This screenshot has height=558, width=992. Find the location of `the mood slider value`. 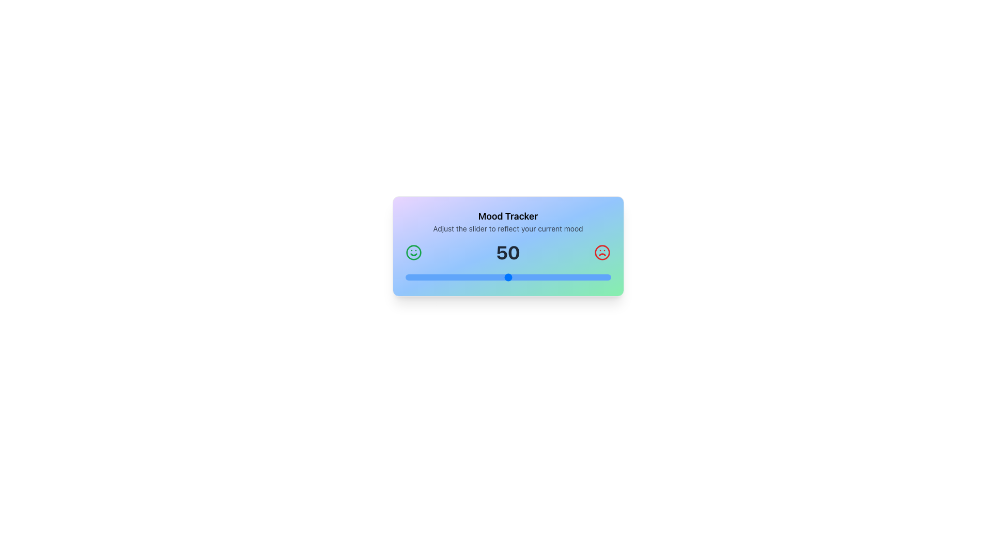

the mood slider value is located at coordinates (526, 276).